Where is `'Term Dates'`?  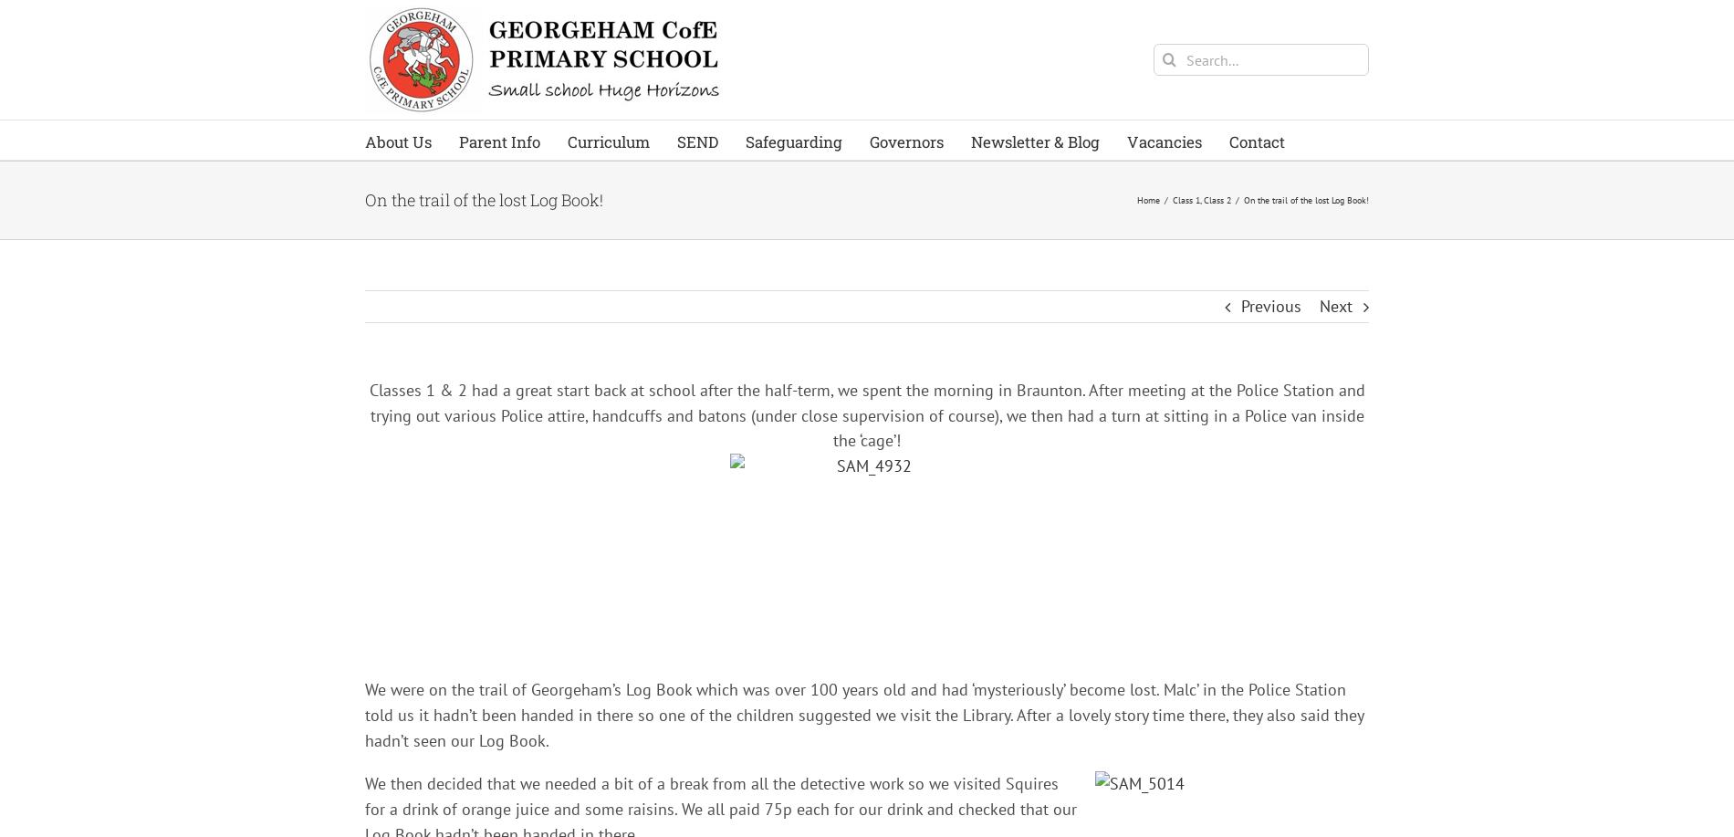 'Term Dates' is located at coordinates (507, 293).